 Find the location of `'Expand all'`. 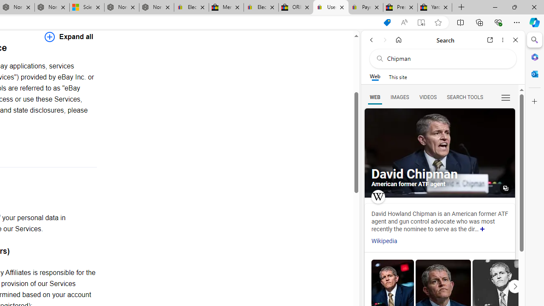

'Expand all' is located at coordinates (69, 36).